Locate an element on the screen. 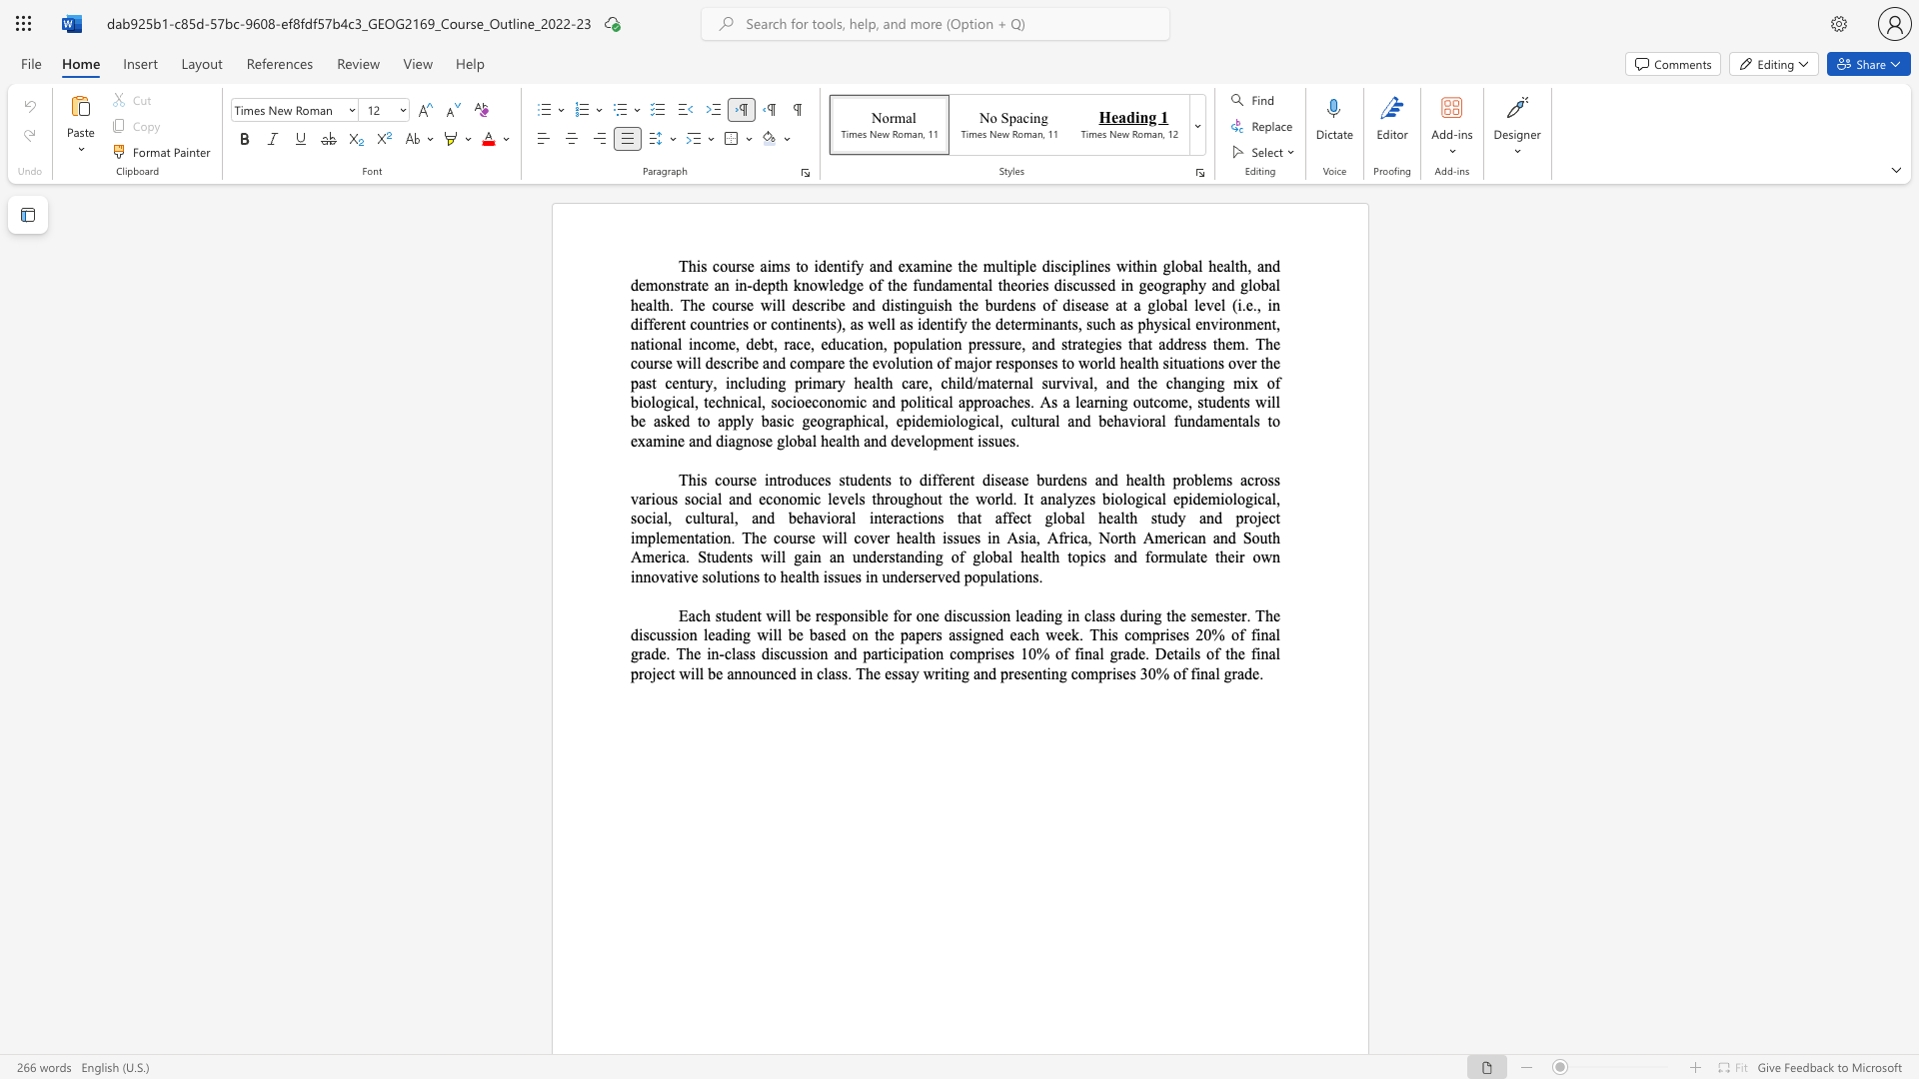 This screenshot has height=1079, width=1919. the 5th character "a" in the text is located at coordinates (1225, 265).